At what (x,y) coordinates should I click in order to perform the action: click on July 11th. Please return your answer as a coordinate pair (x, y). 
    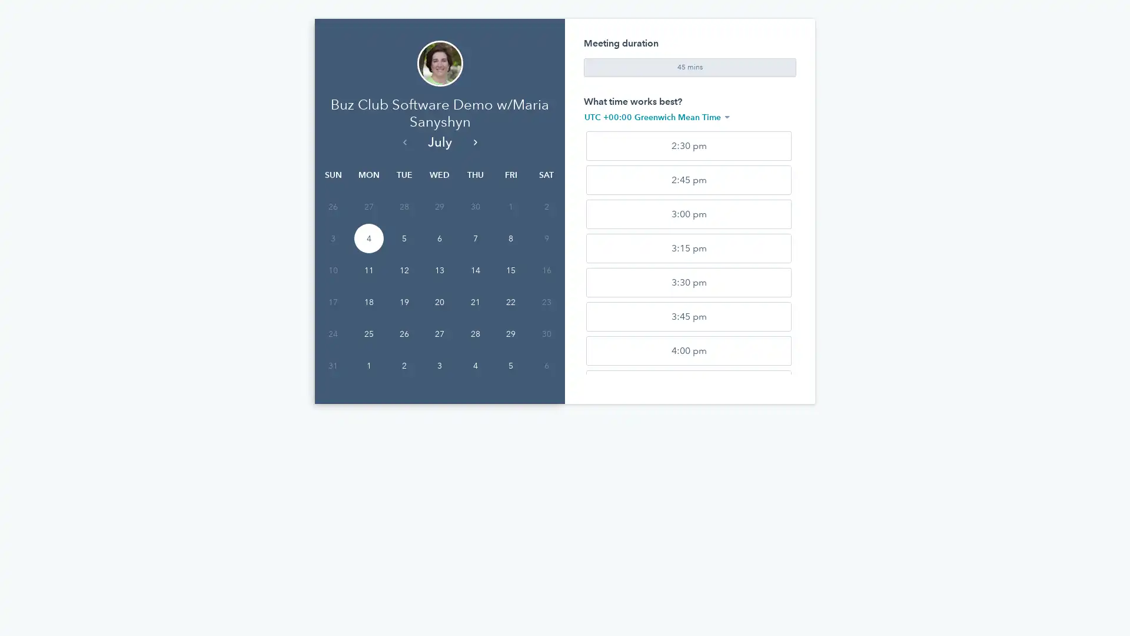
    Looking at the image, I should click on (367, 314).